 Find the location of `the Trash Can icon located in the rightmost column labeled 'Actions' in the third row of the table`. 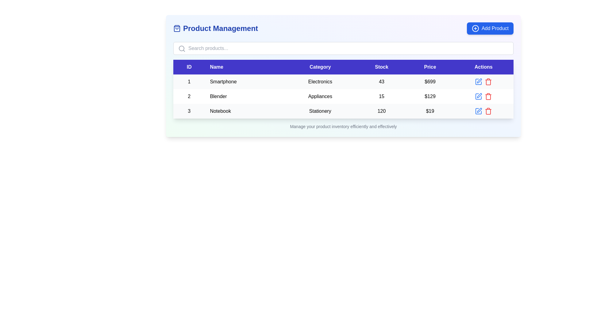

the Trash Can icon located in the rightmost column labeled 'Actions' in the third row of the table is located at coordinates (488, 112).